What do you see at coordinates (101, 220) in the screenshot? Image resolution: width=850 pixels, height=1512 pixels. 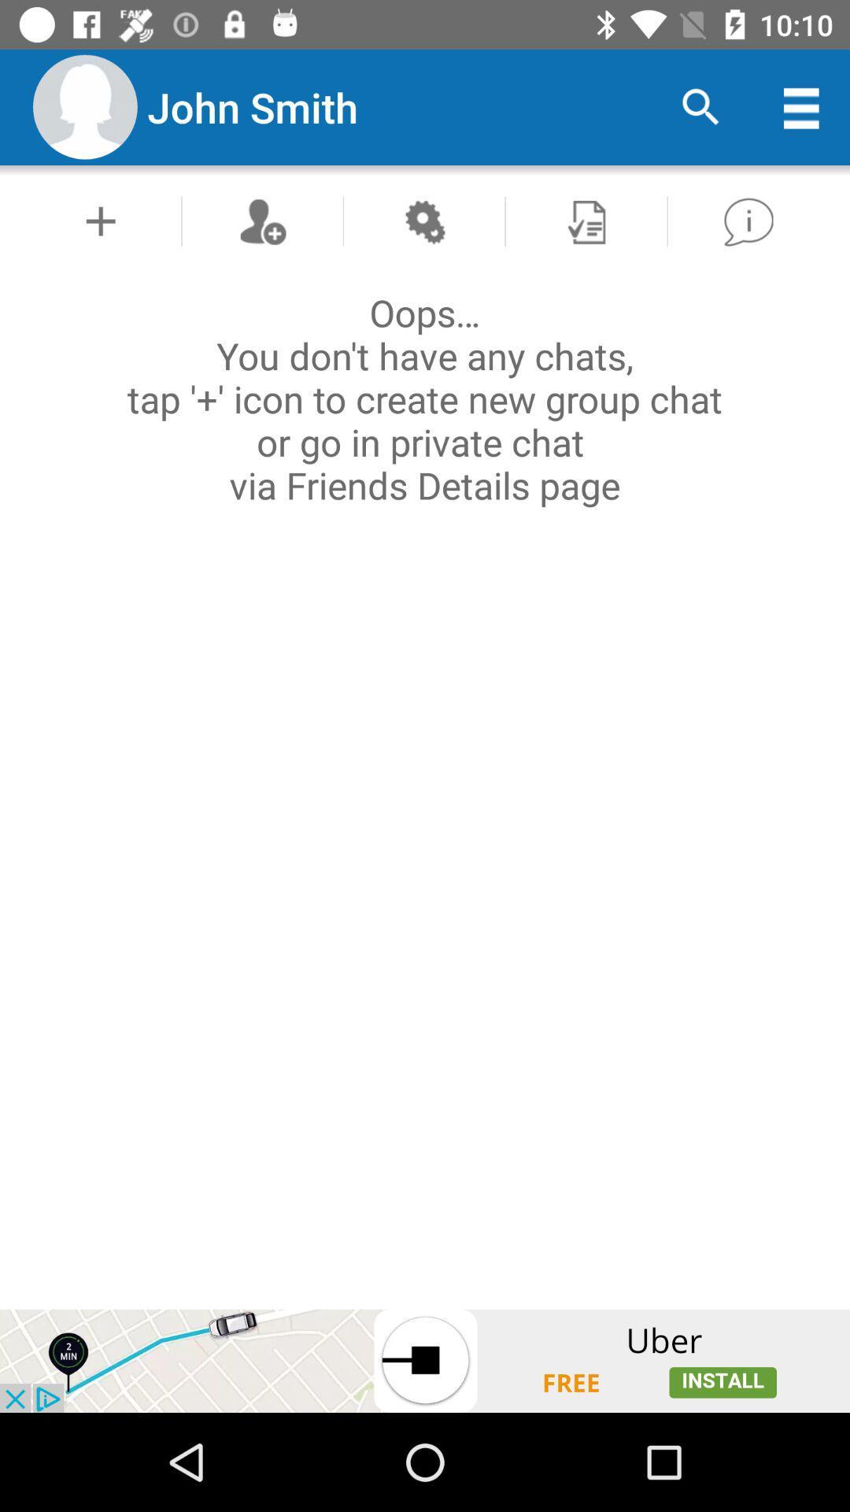 I see `the add icon` at bounding box center [101, 220].